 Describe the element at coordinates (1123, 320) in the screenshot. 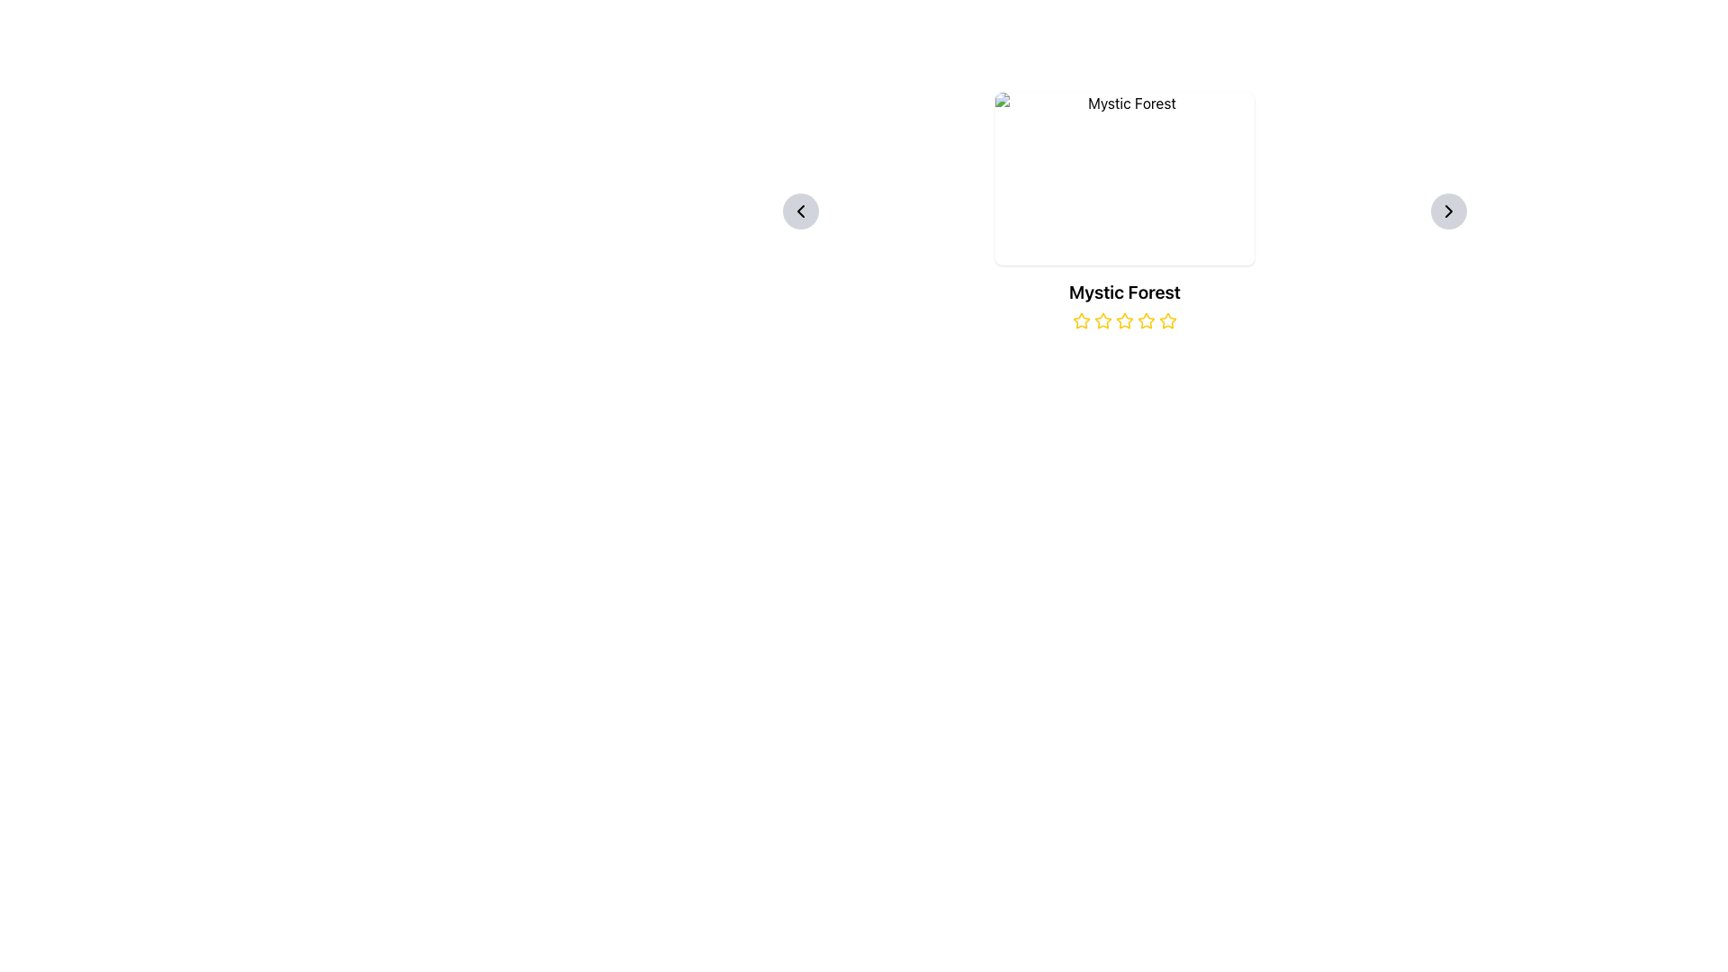

I see `the fifth star in the five-star rating system below the title 'Mystic Forest'` at that location.